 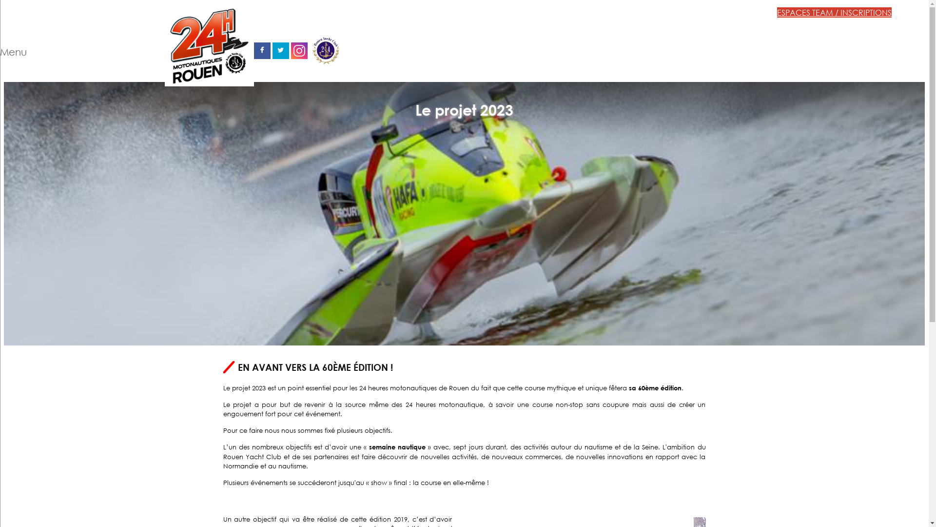 I want to click on 'ESPACES TEAM / INSCRIPTIONS', so click(x=776, y=12).